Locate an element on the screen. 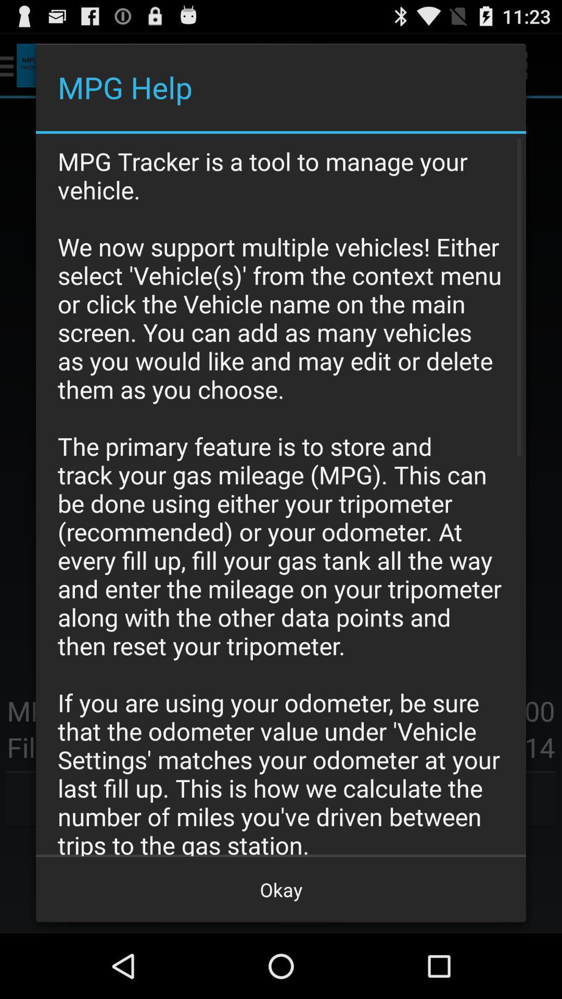 Image resolution: width=562 pixels, height=999 pixels. okay is located at coordinates (281, 889).